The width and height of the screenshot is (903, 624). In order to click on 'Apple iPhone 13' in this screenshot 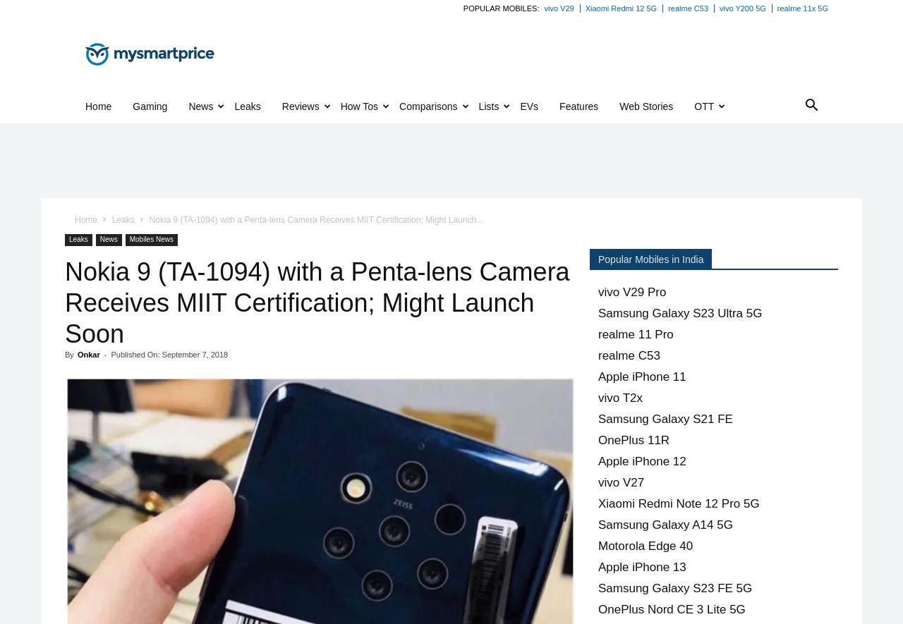, I will do `click(641, 566)`.